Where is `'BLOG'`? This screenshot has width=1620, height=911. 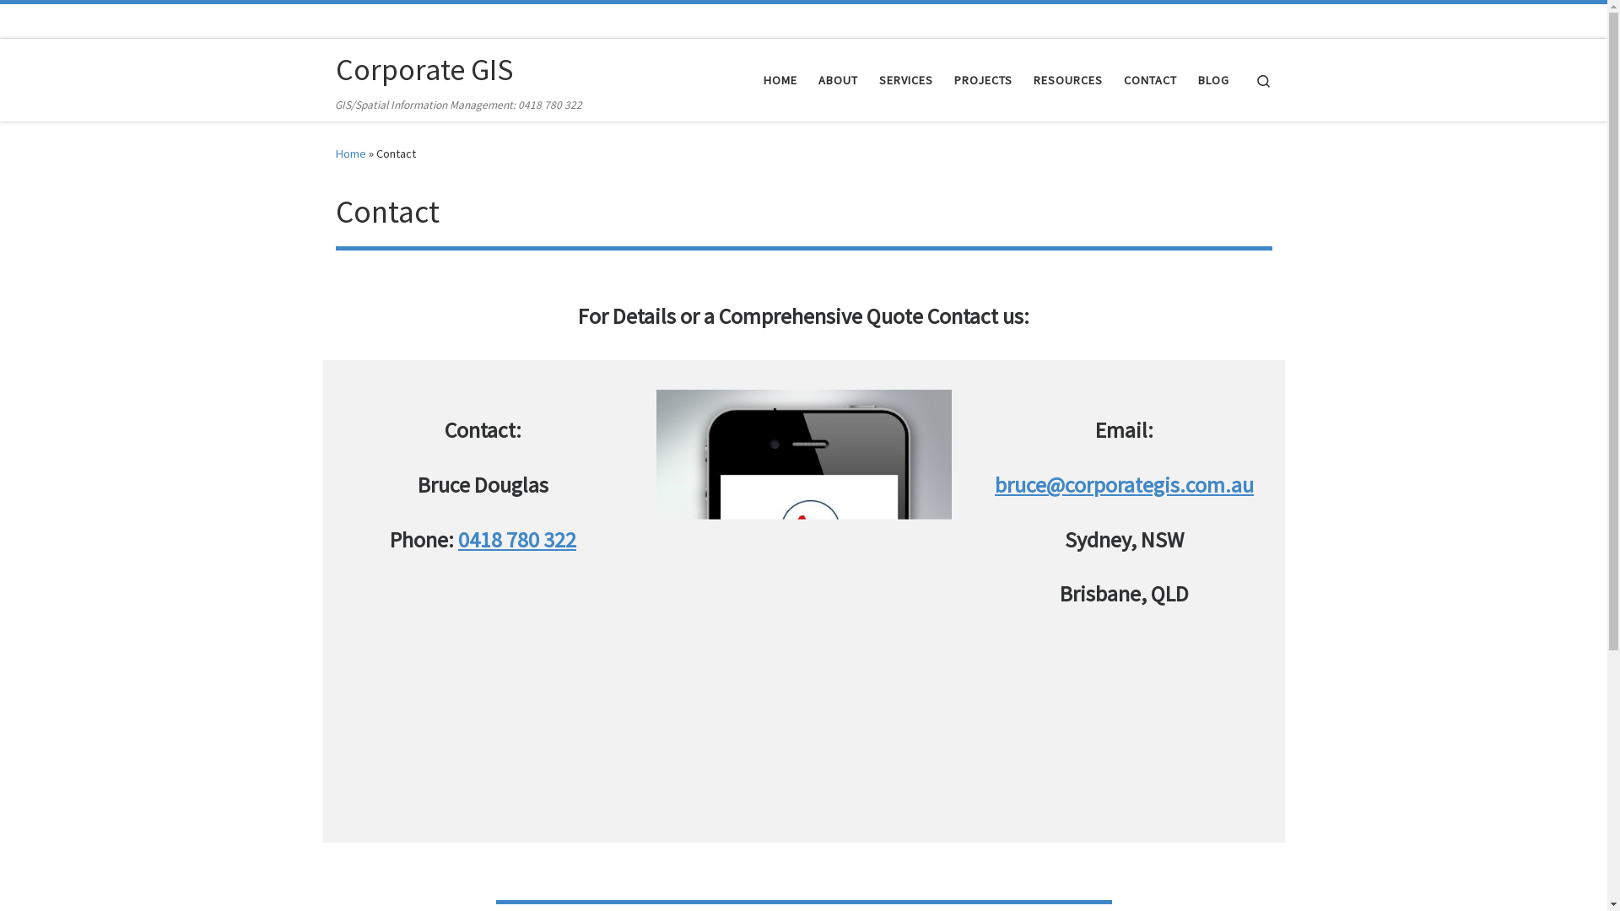
'BLOG' is located at coordinates (1212, 80).